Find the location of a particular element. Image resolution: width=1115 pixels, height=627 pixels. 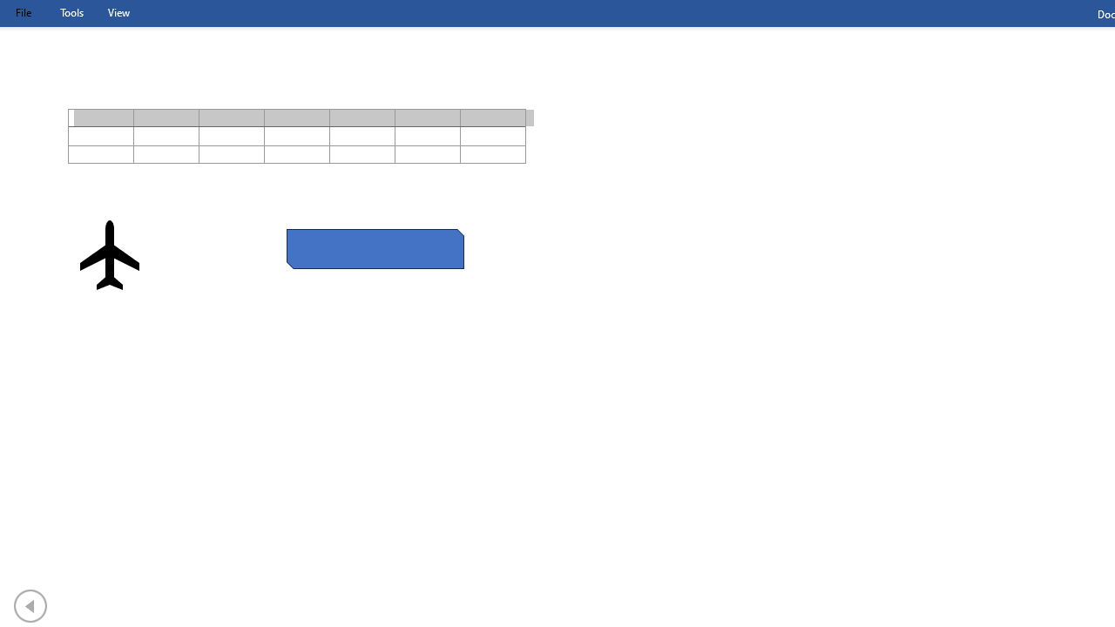

'Airplane with solid fill' is located at coordinates (109, 255).